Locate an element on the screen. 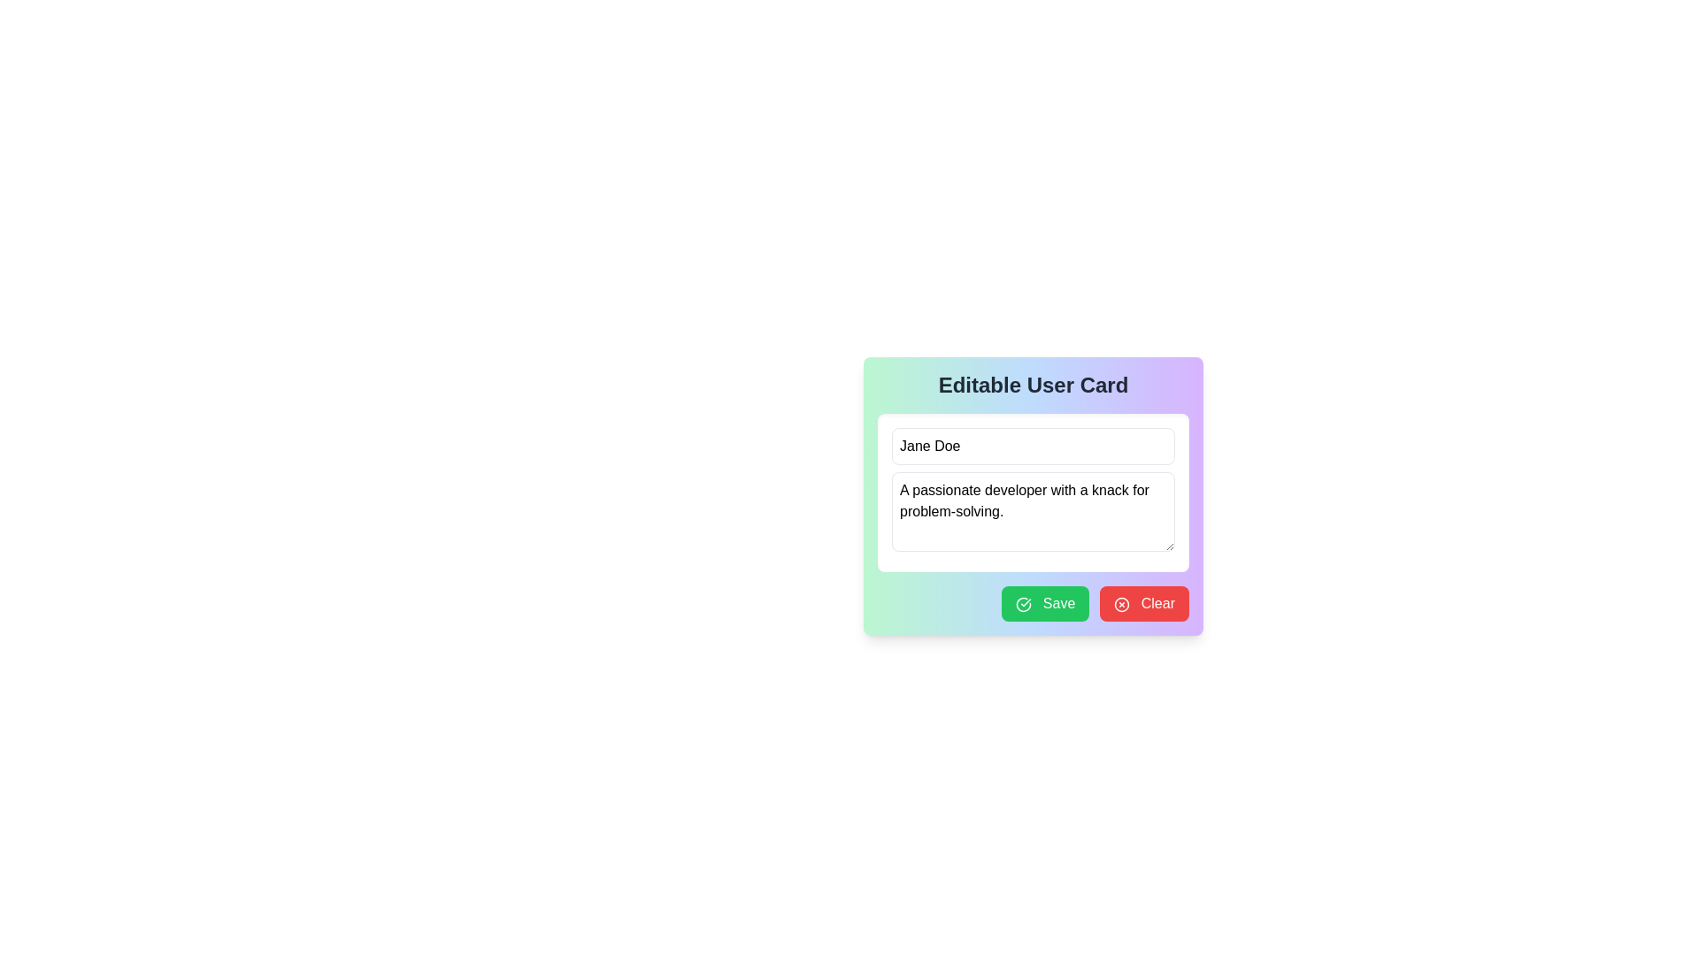 Image resolution: width=1699 pixels, height=955 pixels. the smaller circular visual element at the center of the 'Clear' button icon located in the bottom-right corner of the card interface is located at coordinates (1121, 603).